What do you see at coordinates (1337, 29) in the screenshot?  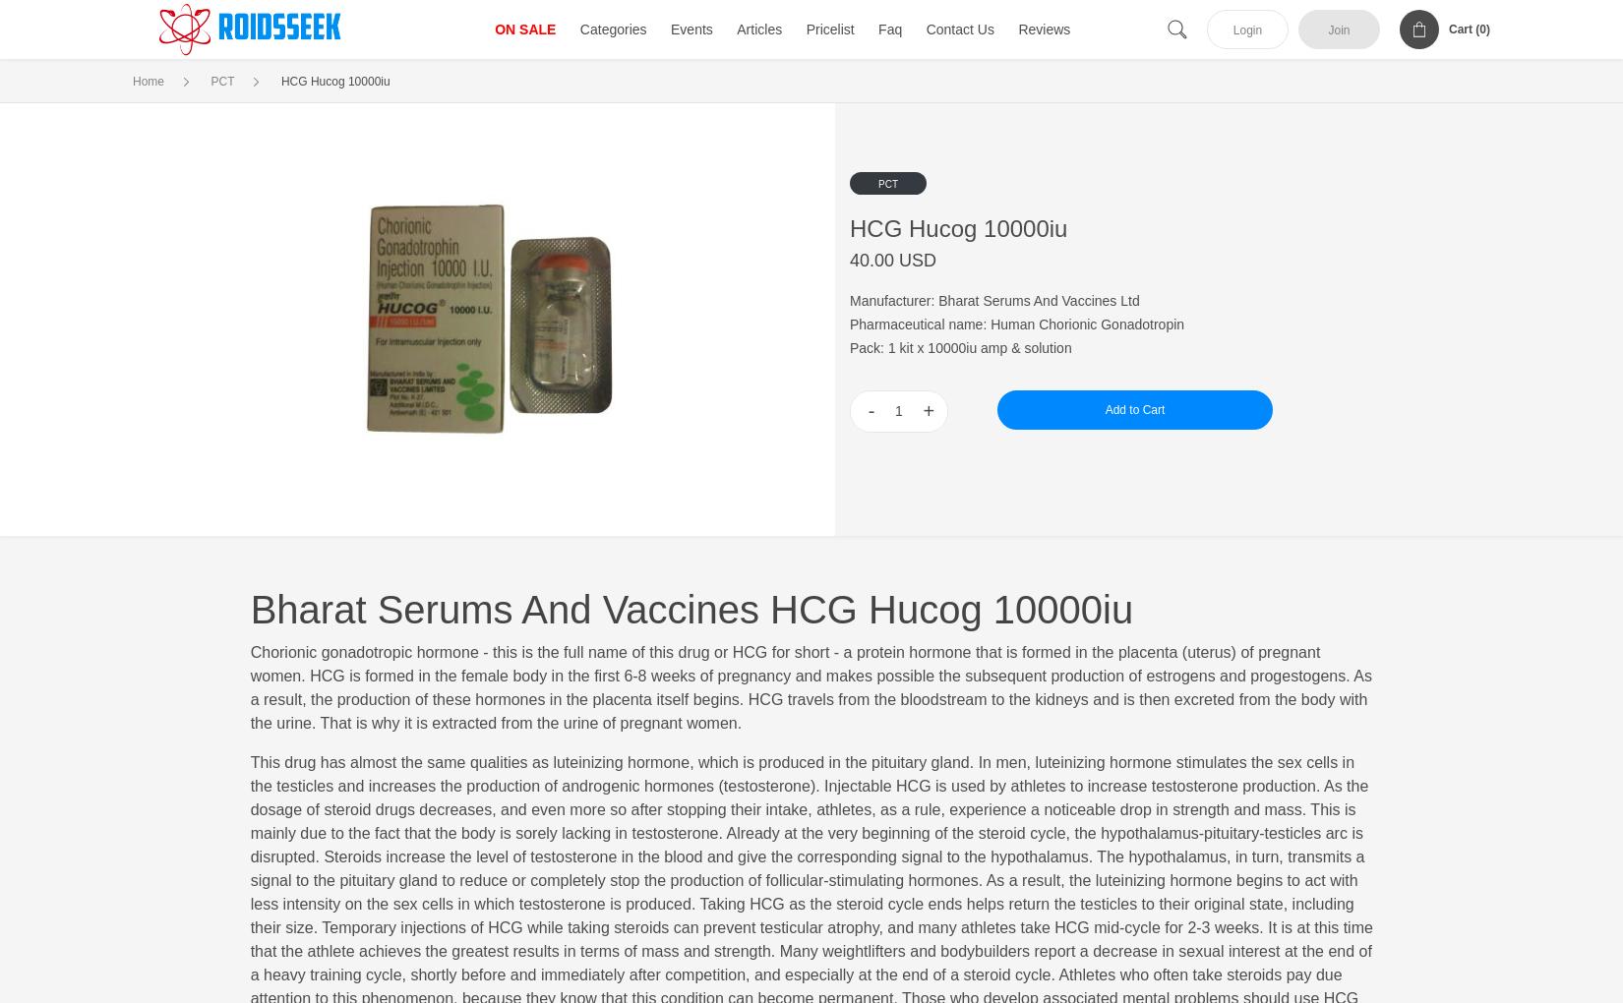 I see `'Join'` at bounding box center [1337, 29].